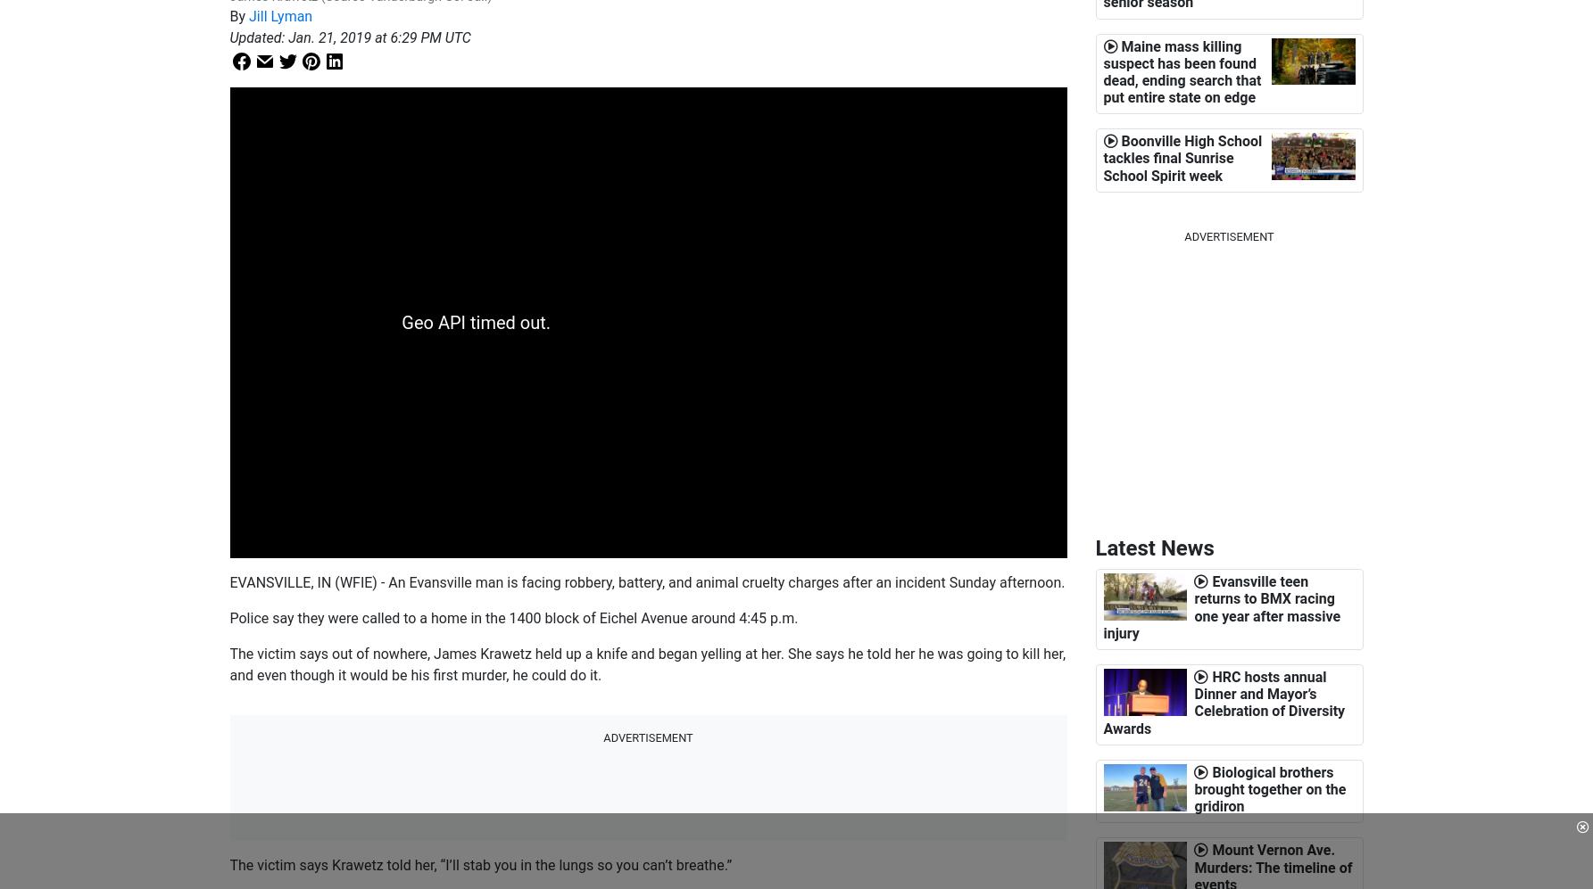 Image resolution: width=1593 pixels, height=889 pixels. Describe the element at coordinates (513, 616) in the screenshot. I see `'Police say they were called to a home in the 1400 block of Eichel Avenue around 4:45 p.m.'` at that location.